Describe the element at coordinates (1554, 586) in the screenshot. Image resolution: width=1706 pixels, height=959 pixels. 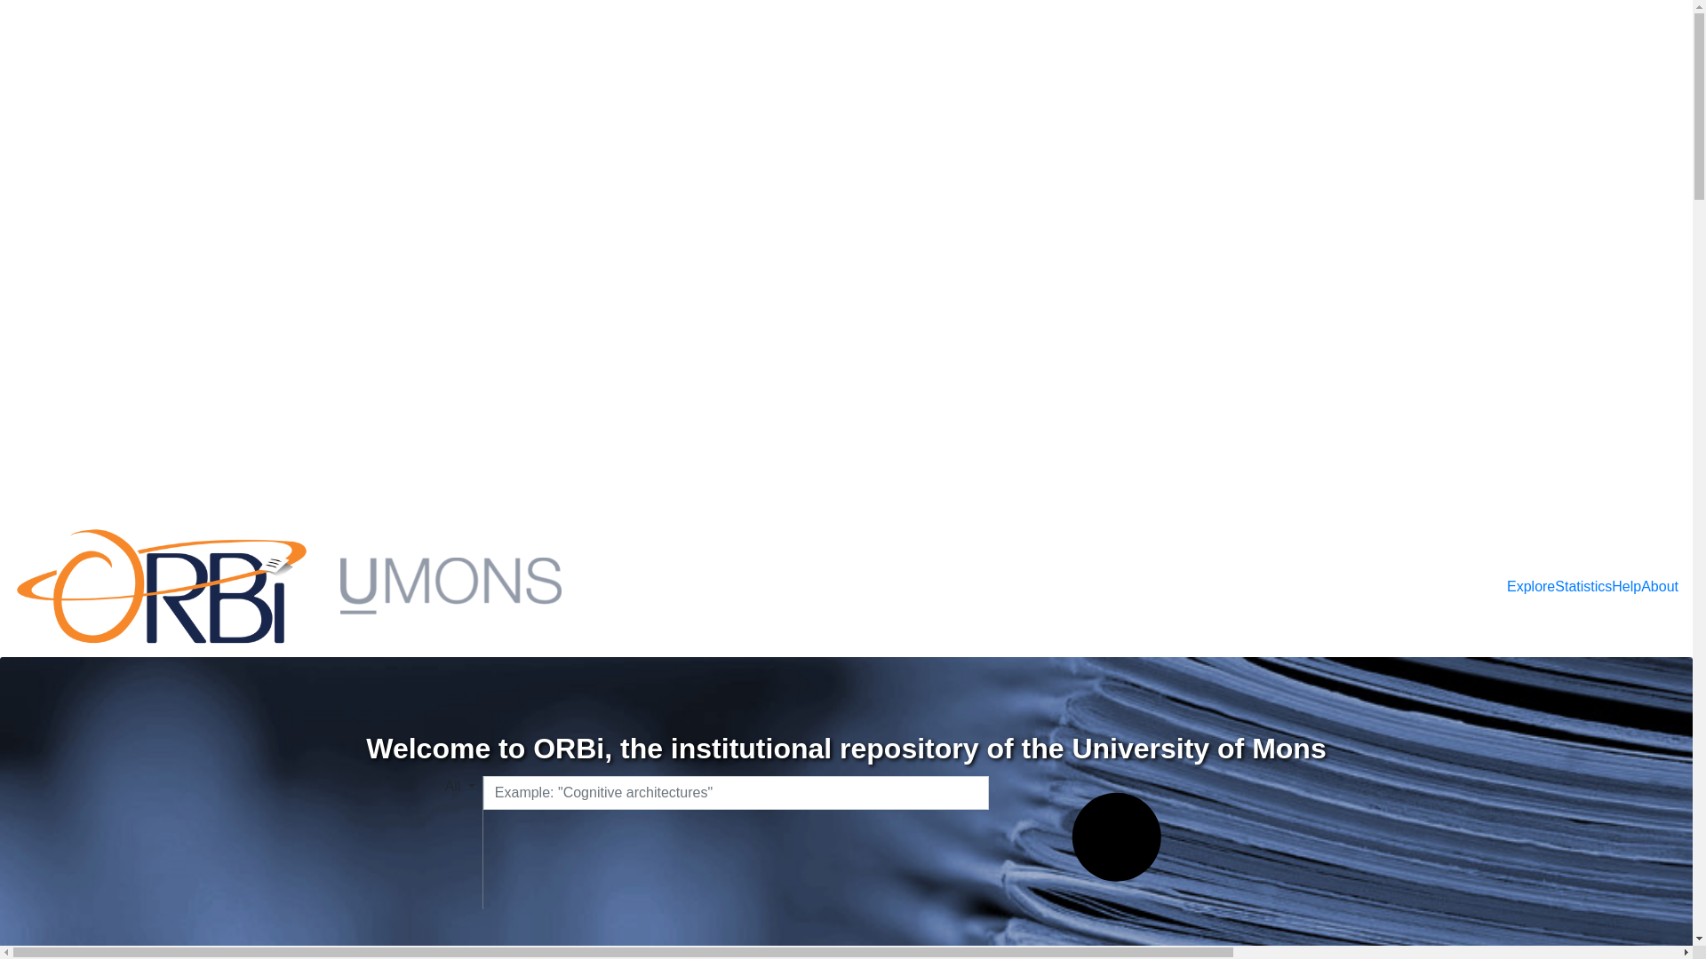
I see `'Statistics'` at that location.